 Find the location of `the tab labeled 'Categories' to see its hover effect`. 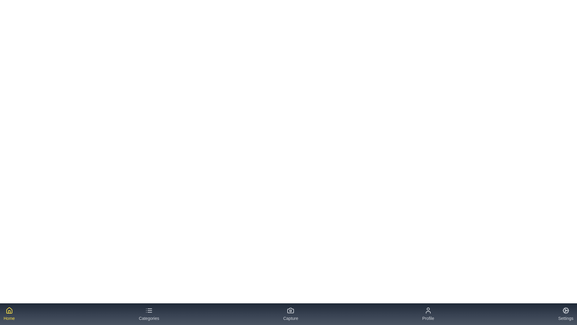

the tab labeled 'Categories' to see its hover effect is located at coordinates (149, 314).